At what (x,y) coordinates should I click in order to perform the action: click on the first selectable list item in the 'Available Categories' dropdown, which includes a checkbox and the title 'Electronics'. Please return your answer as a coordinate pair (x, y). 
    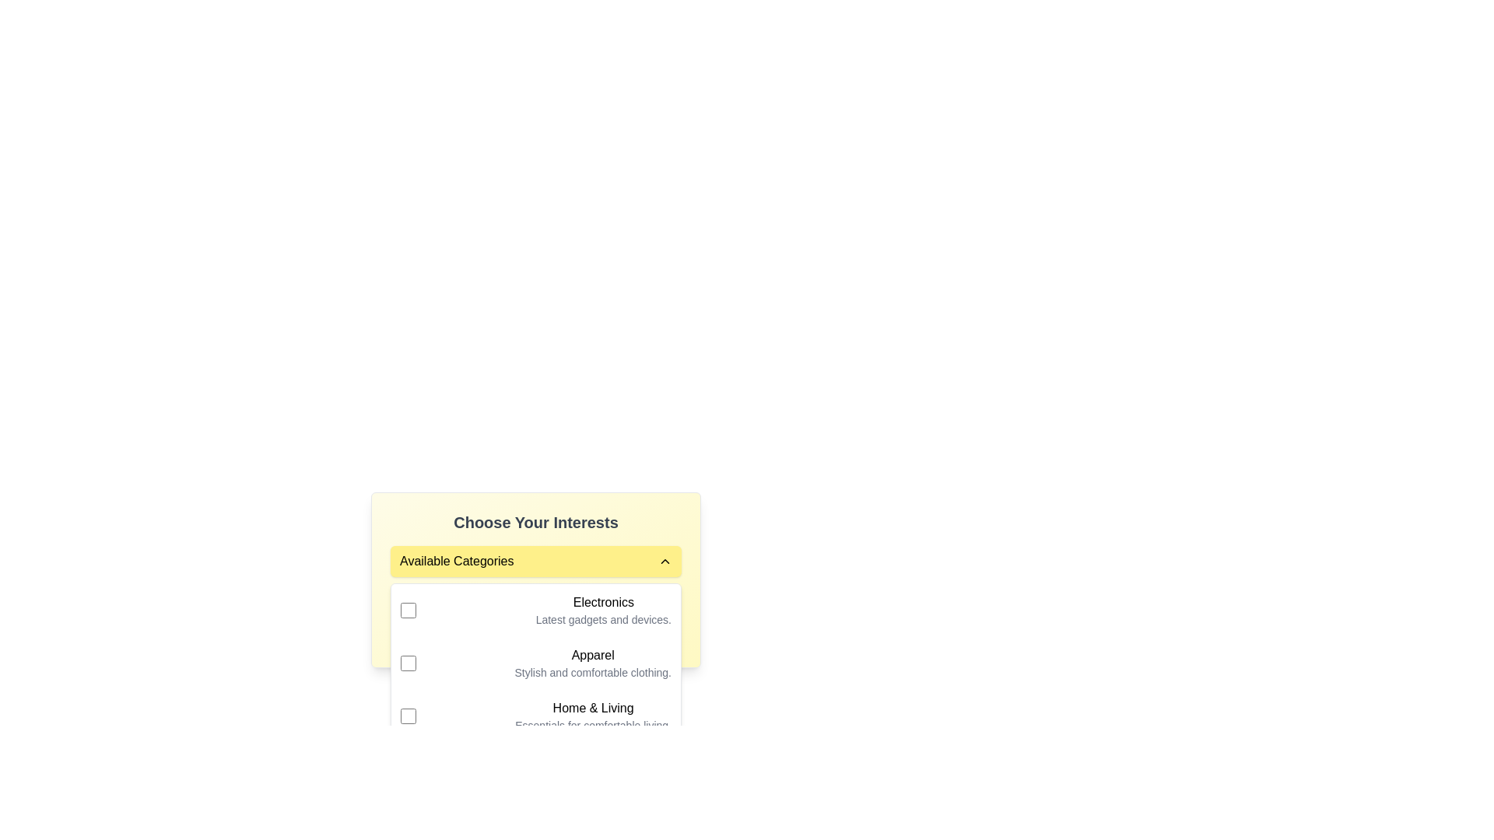
    Looking at the image, I should click on (536, 610).